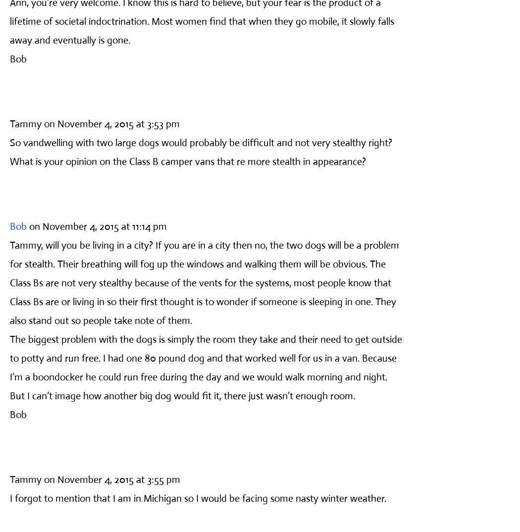 This screenshot has height=532, width=520. I want to click on 'on November 4, 2015 at 3:55 pm', so click(112, 479).